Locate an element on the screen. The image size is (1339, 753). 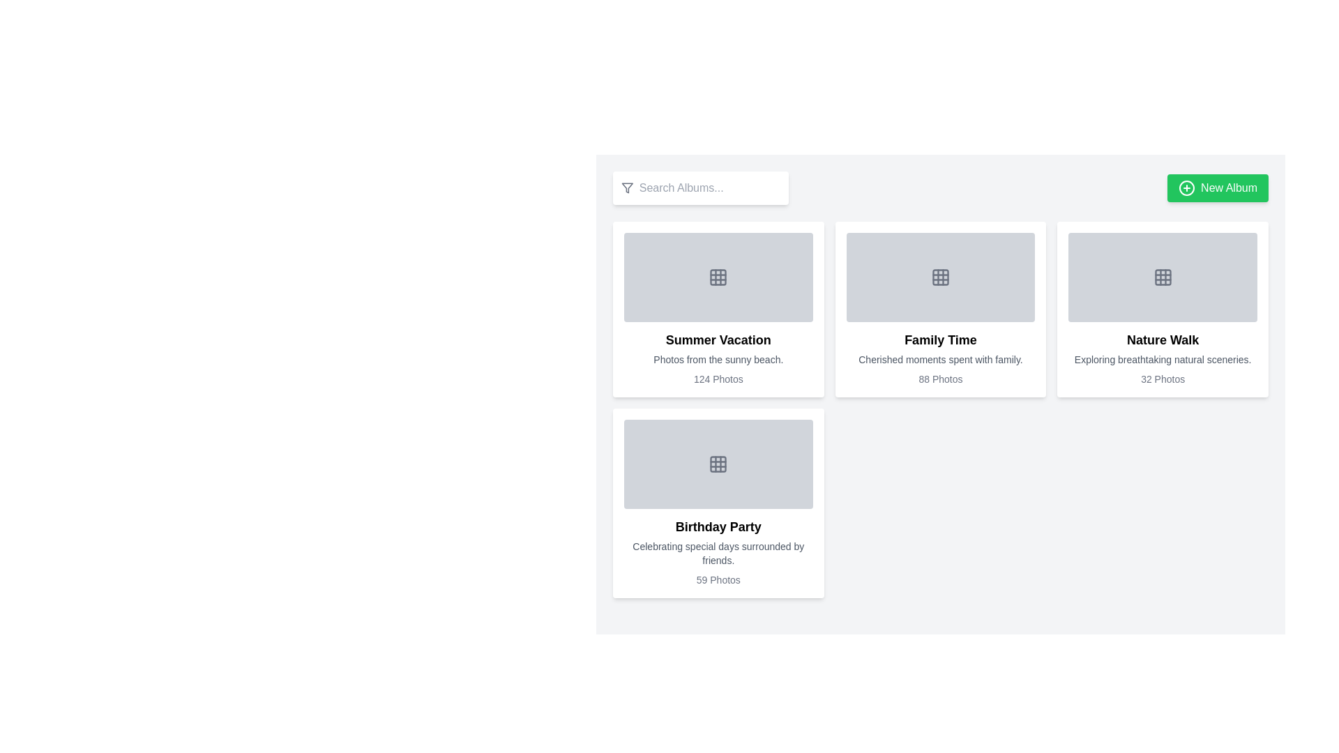
the Text label that provides information about the number of photos in the 'Birthday Party' album, located beneath the sentence 'Celebrating special days surrounded by friends.' is located at coordinates (718, 580).